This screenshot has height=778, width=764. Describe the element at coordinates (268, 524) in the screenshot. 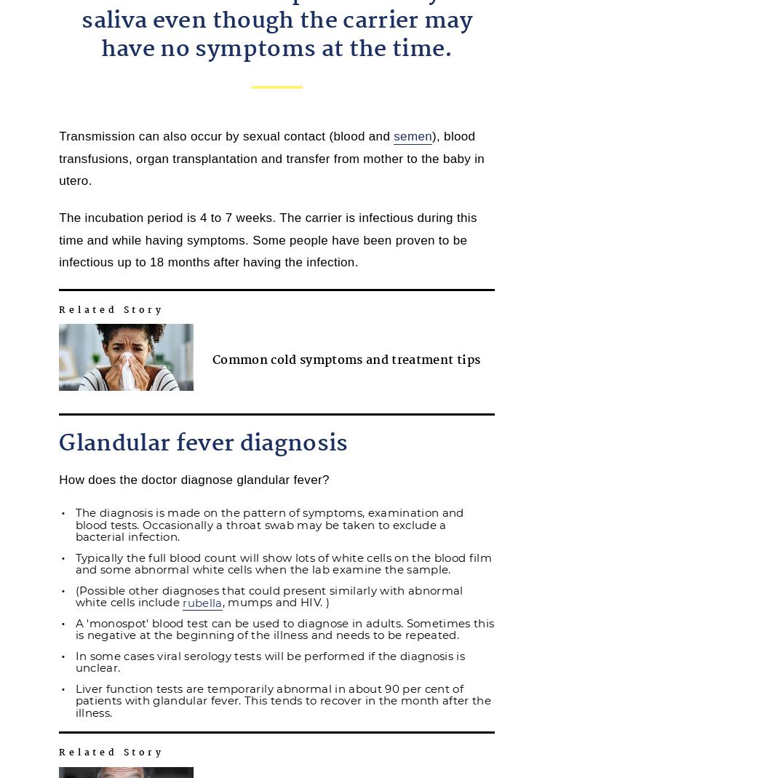

I see `'The diagnosis is made on the pattern of symptoms, examination and blood tests.  Occasionally a throat swab may be taken to exclude a bacterial infection.'` at that location.